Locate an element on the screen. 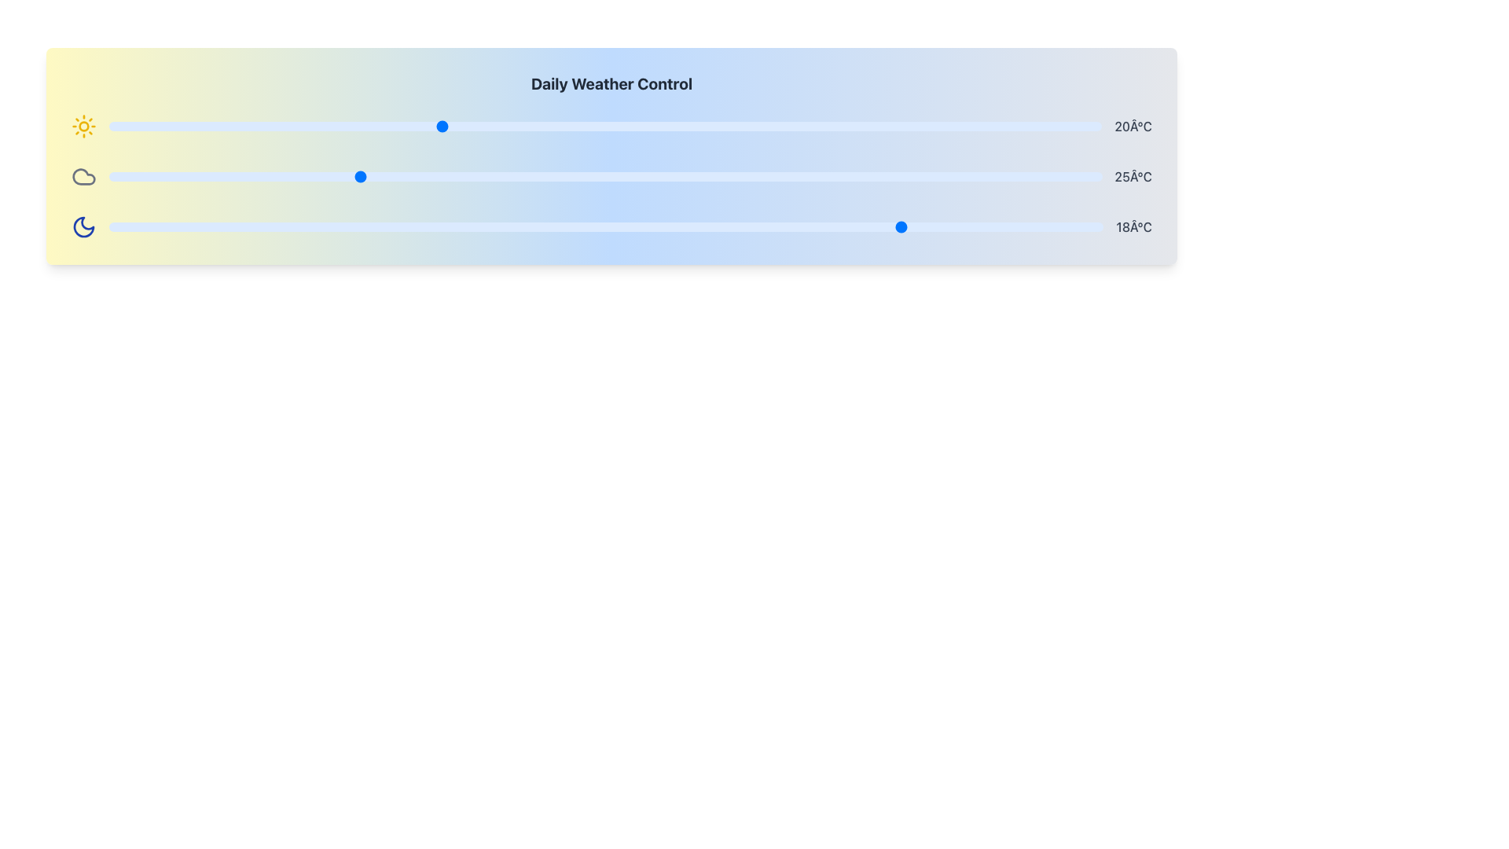  the evening temperature is located at coordinates (905, 227).